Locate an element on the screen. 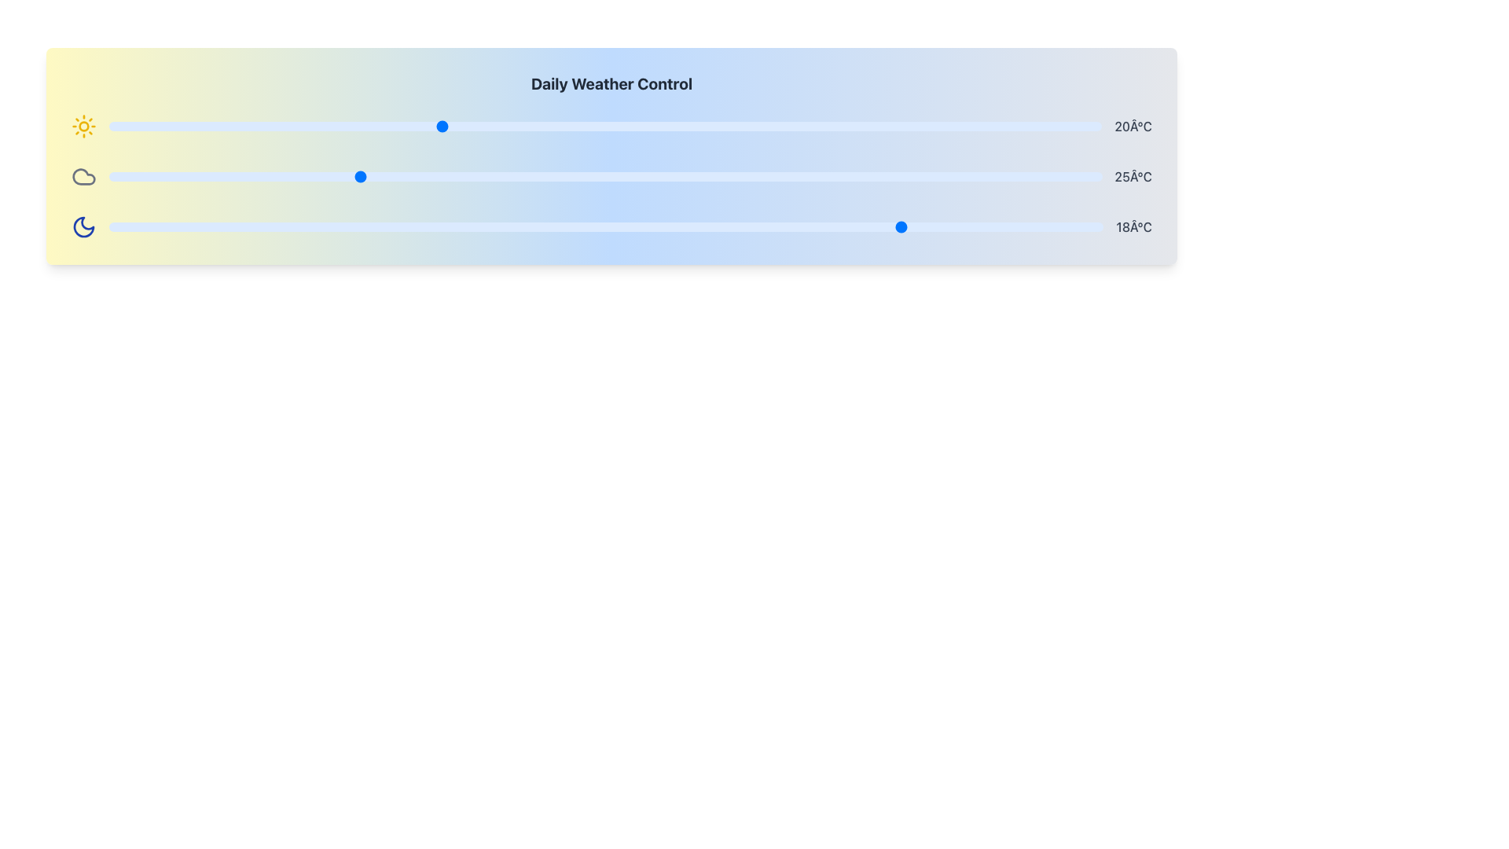  the evening temperature is located at coordinates (905, 227).